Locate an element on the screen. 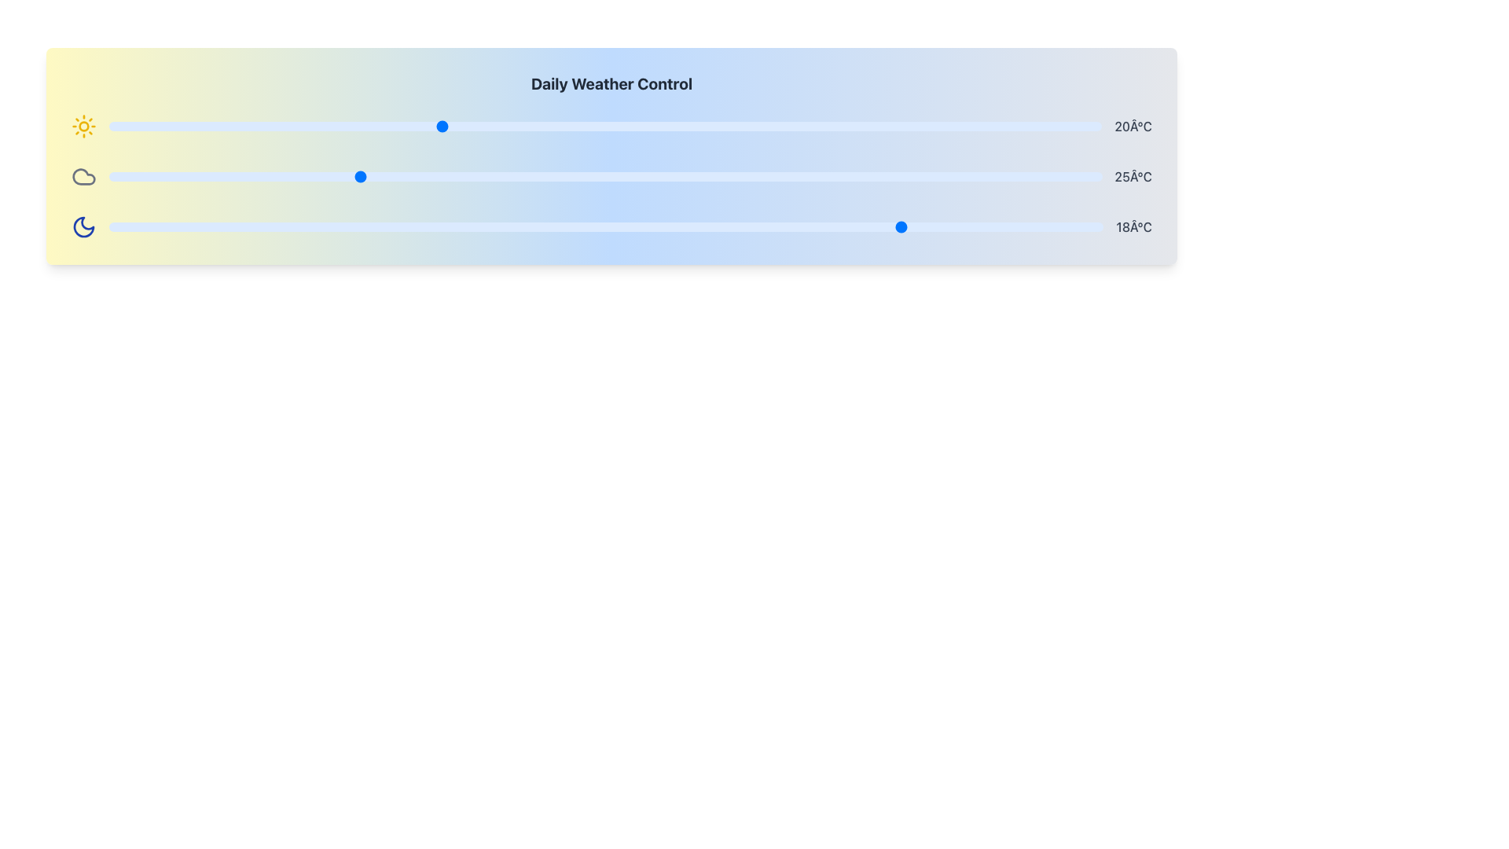  the evening temperature is located at coordinates (905, 227).